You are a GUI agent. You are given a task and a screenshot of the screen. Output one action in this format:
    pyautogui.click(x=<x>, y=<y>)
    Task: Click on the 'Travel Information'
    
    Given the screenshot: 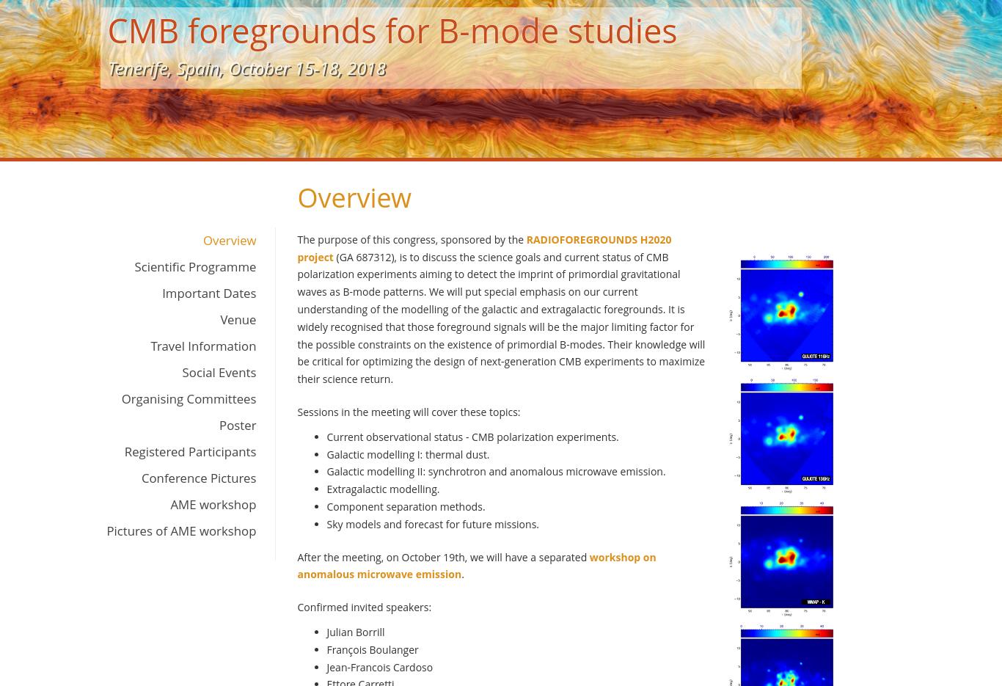 What is the action you would take?
    pyautogui.click(x=203, y=346)
    